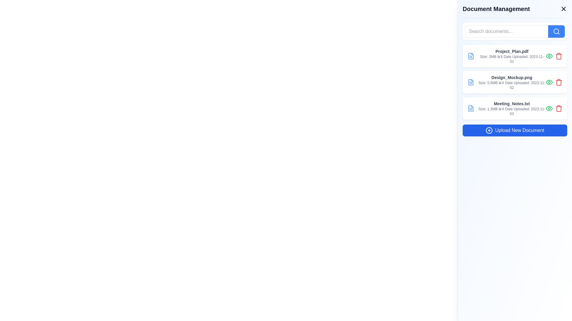 The height and width of the screenshot is (321, 572). What do you see at coordinates (470, 56) in the screenshot?
I see `the blue file icon that resembles a sheet with text lines, located to the left of the 'Project_Plan.pdf' document entry in the document management list` at bounding box center [470, 56].